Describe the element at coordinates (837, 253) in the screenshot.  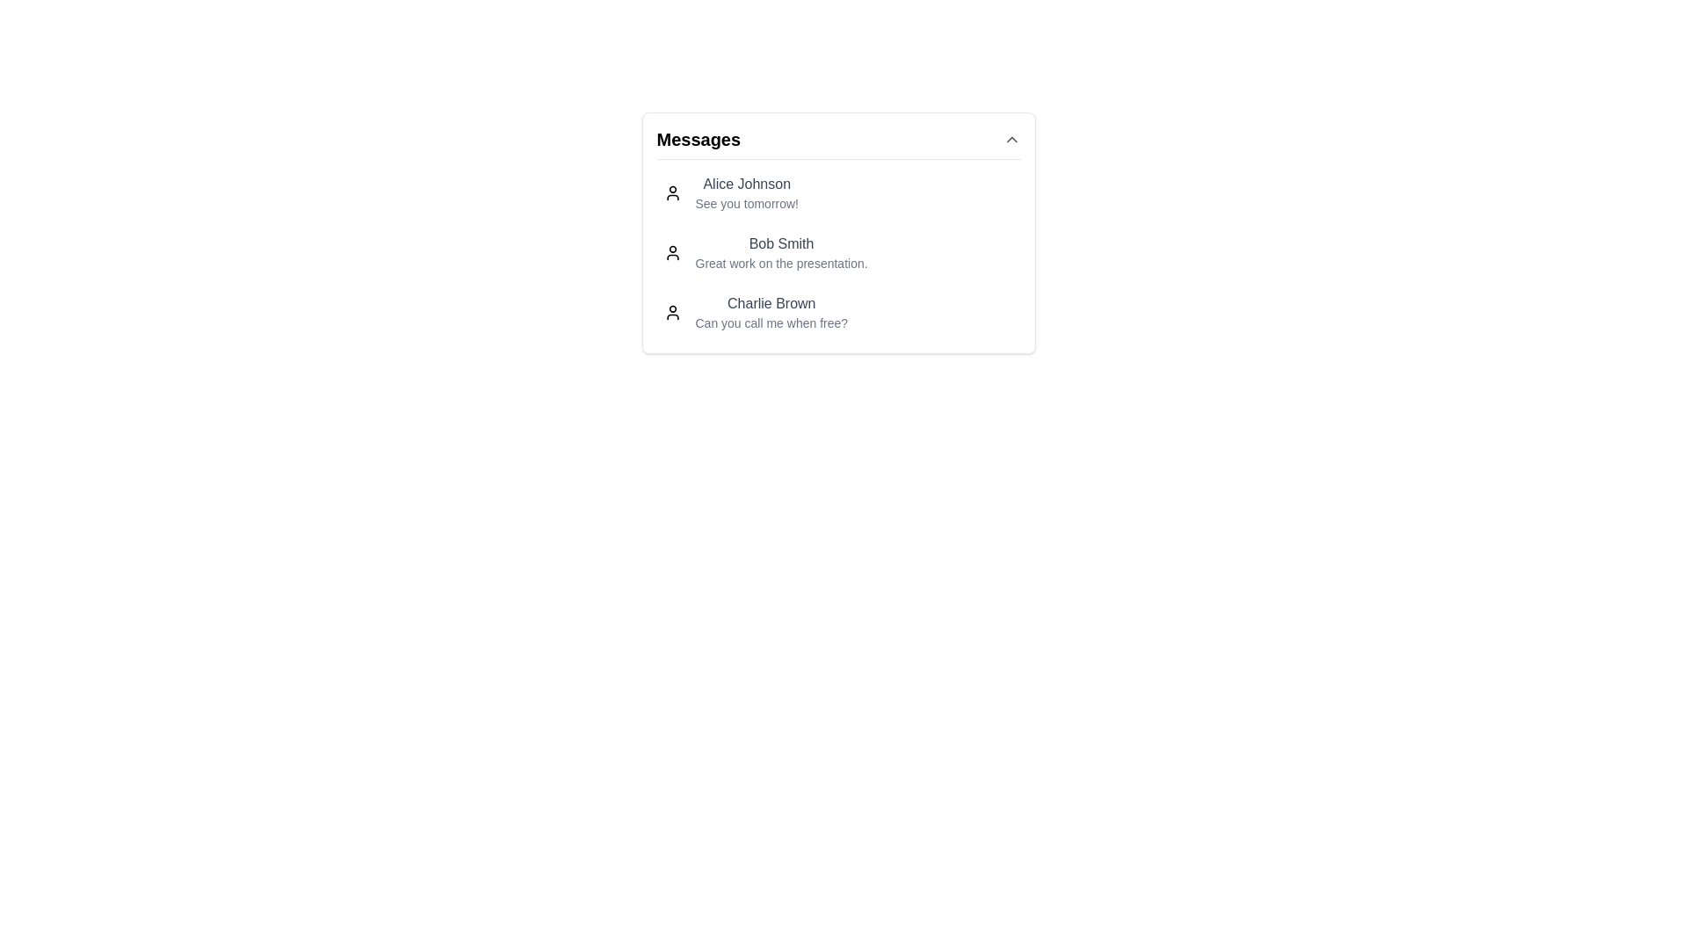
I see `the list of message previews located in the white box titled 'Messages'` at that location.